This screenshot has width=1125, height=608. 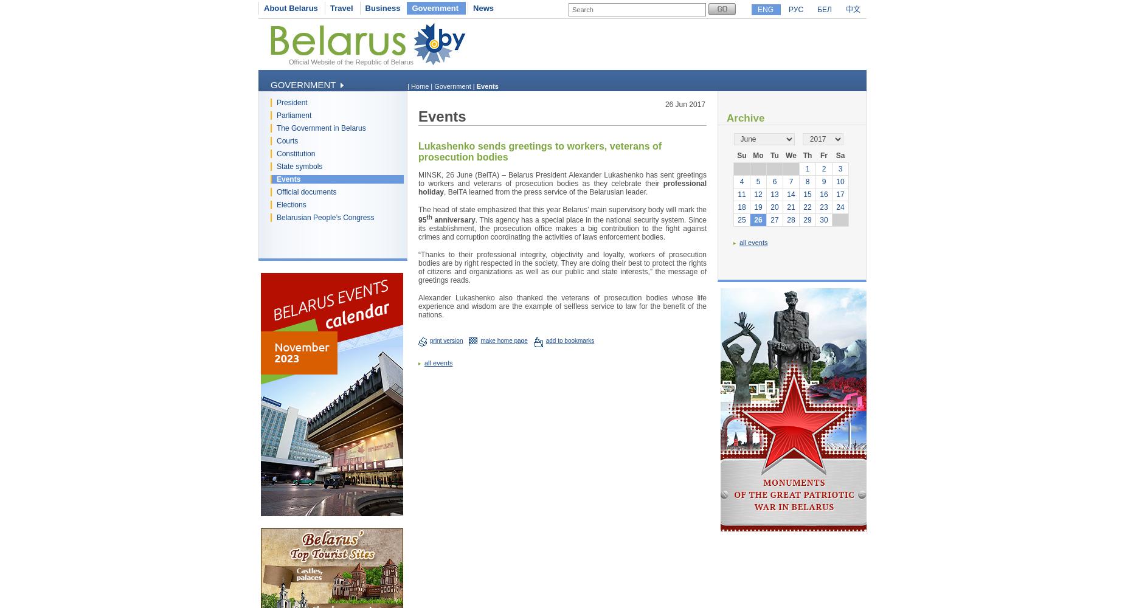 What do you see at coordinates (819, 194) in the screenshot?
I see `'16'` at bounding box center [819, 194].